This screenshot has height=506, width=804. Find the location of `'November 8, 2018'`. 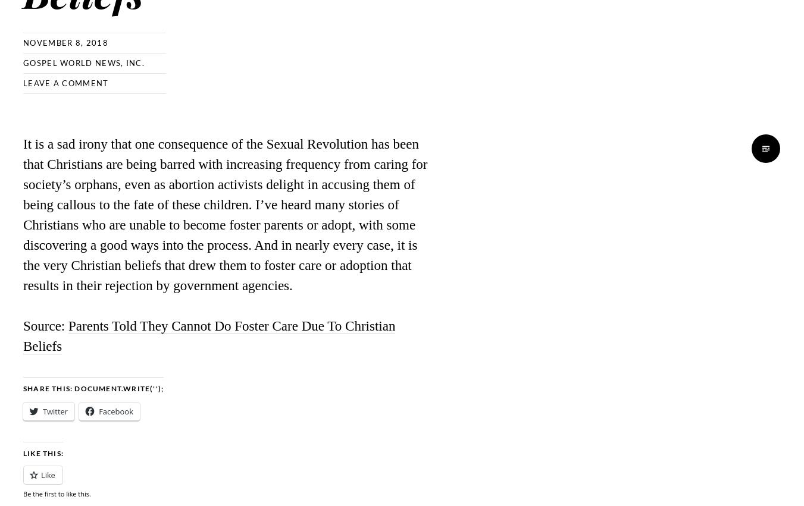

'November 8, 2018' is located at coordinates (65, 42).